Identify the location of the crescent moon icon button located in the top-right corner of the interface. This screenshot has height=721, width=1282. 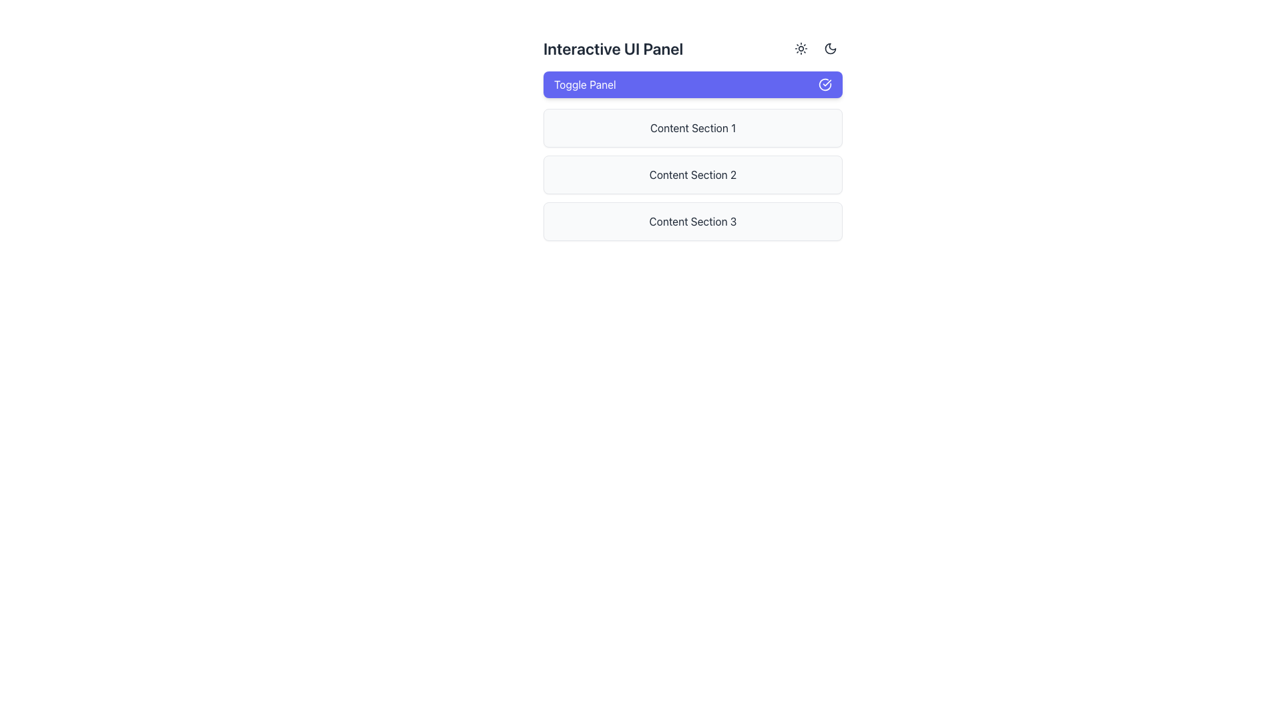
(829, 48).